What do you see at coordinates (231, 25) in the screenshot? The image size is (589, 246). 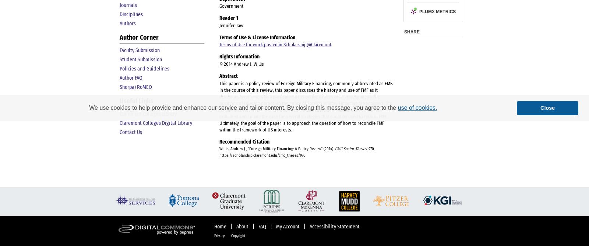 I see `'Jennifer Taw'` at bounding box center [231, 25].